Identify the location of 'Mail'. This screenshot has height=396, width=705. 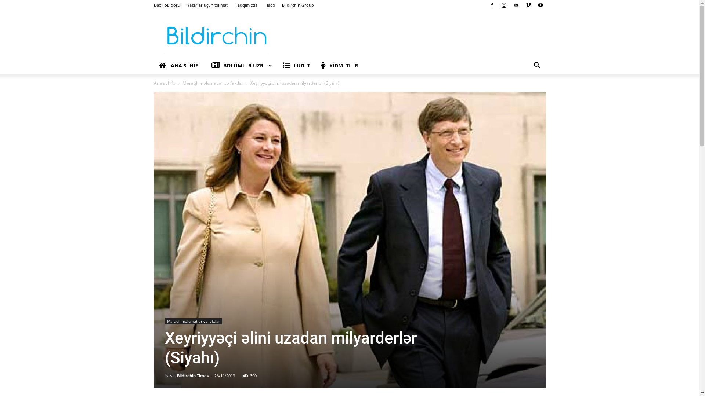
(510, 5).